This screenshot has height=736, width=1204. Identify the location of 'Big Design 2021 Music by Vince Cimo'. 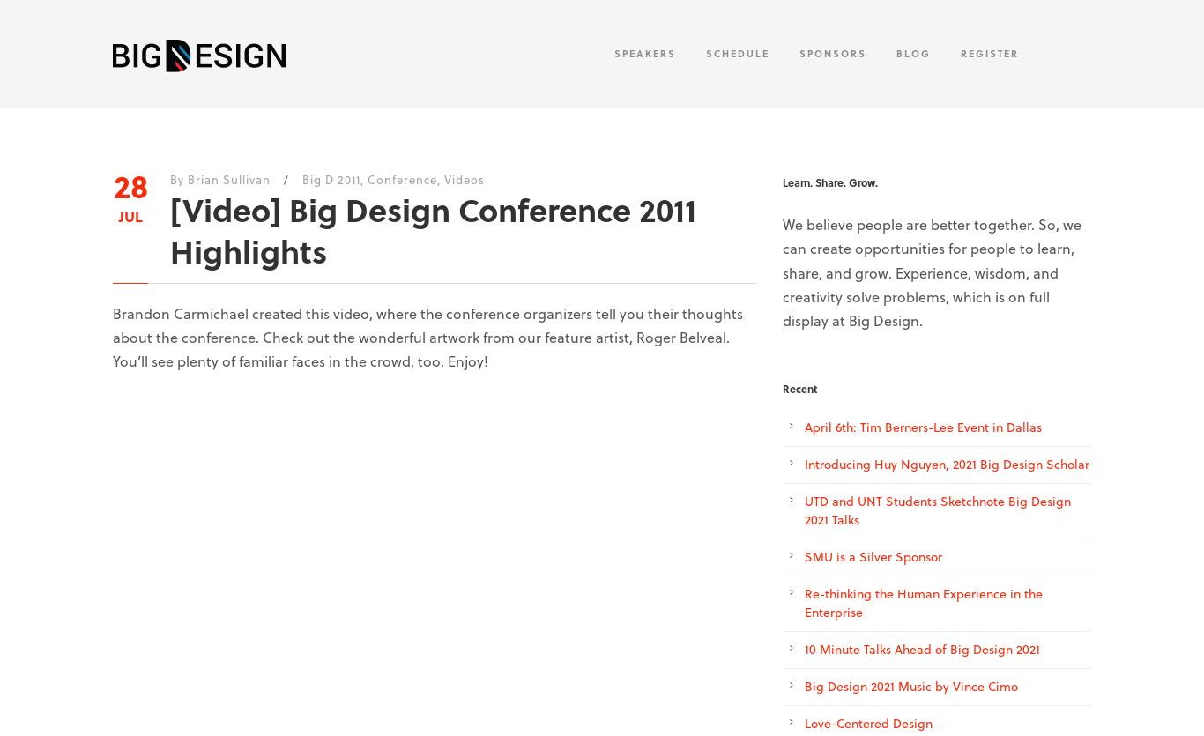
(910, 685).